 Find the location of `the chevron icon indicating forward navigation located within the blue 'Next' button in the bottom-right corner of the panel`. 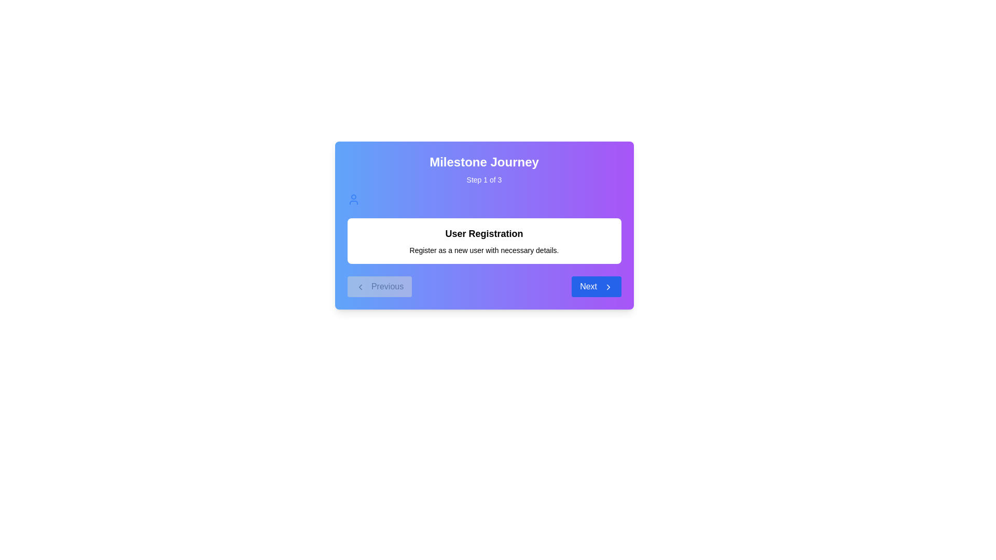

the chevron icon indicating forward navigation located within the blue 'Next' button in the bottom-right corner of the panel is located at coordinates (608, 287).